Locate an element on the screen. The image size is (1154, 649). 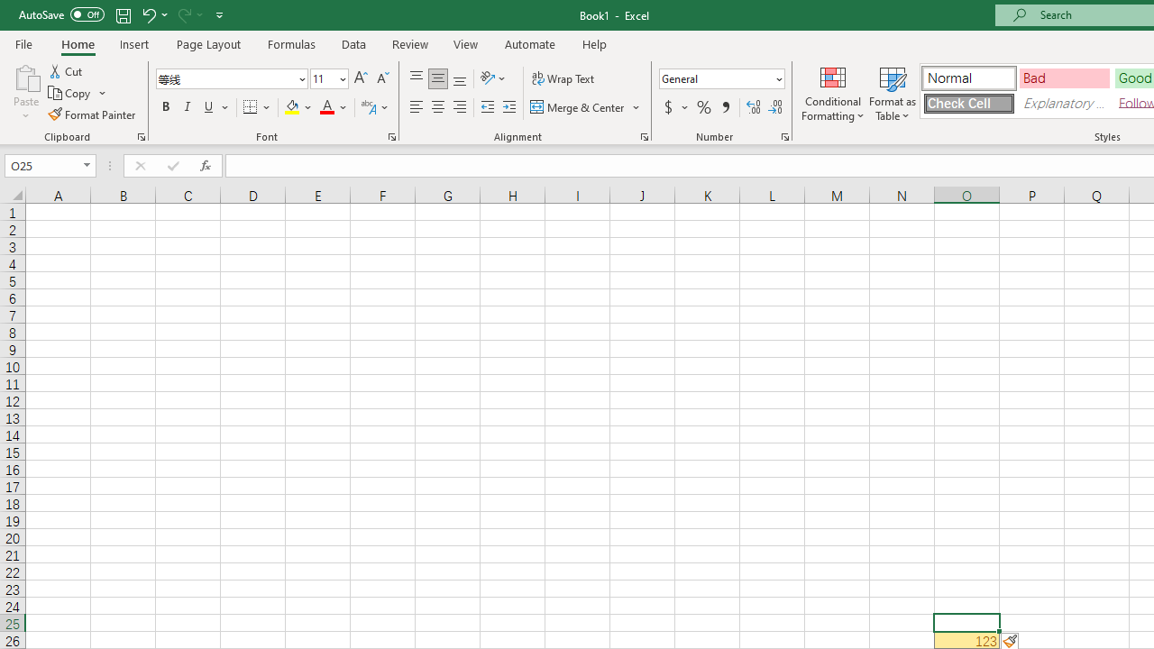
'Decrease Font Size' is located at coordinates (381, 78).